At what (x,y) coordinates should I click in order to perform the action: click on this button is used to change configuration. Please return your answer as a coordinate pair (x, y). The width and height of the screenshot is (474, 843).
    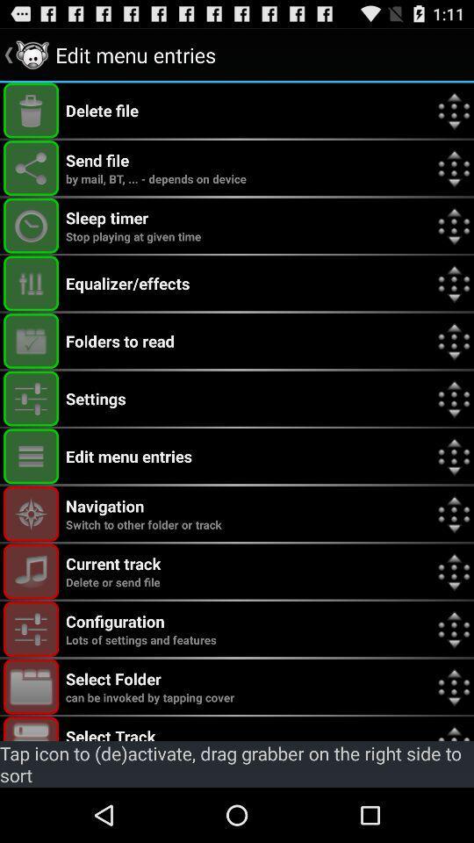
    Looking at the image, I should click on (31, 629).